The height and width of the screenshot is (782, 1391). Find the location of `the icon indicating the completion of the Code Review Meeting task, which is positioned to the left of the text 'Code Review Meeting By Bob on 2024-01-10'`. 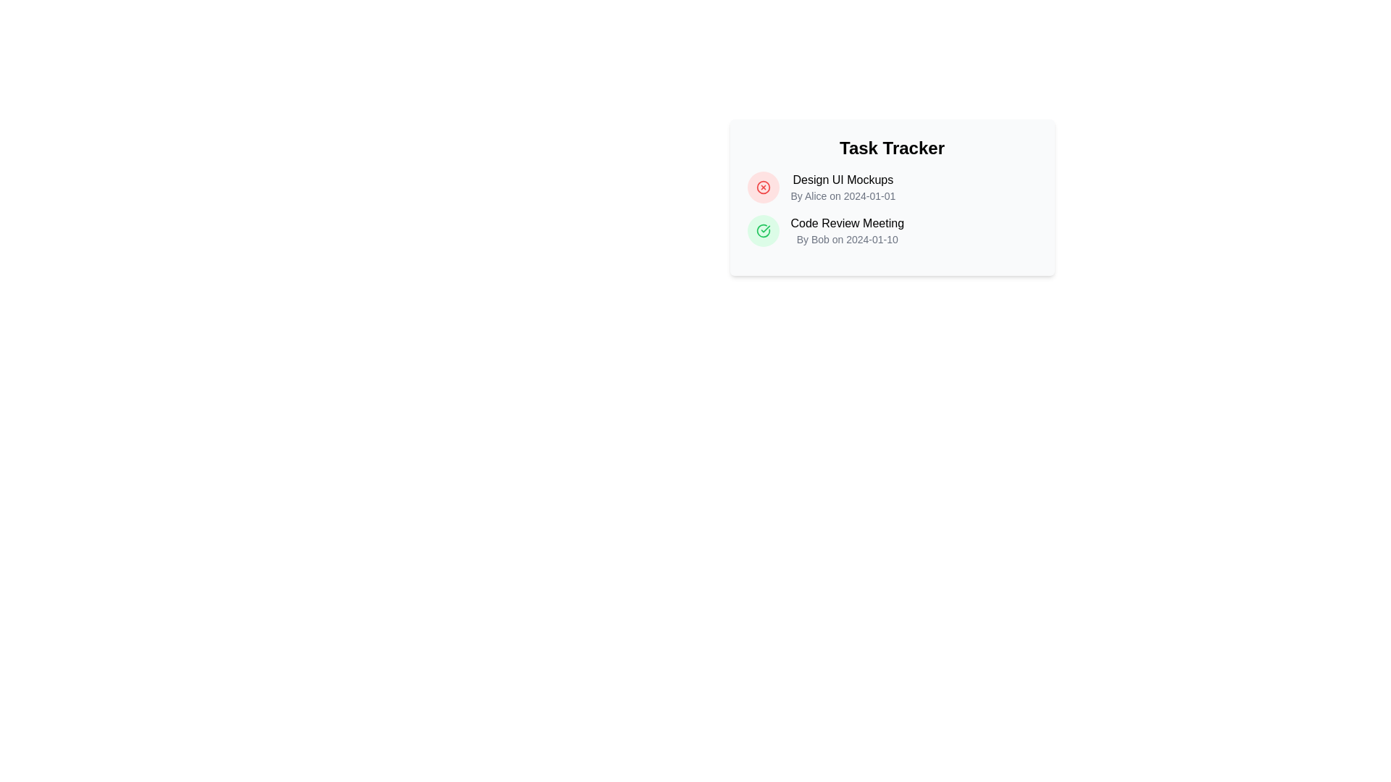

the icon indicating the completion of the Code Review Meeting task, which is positioned to the left of the text 'Code Review Meeting By Bob on 2024-01-10' is located at coordinates (762, 230).